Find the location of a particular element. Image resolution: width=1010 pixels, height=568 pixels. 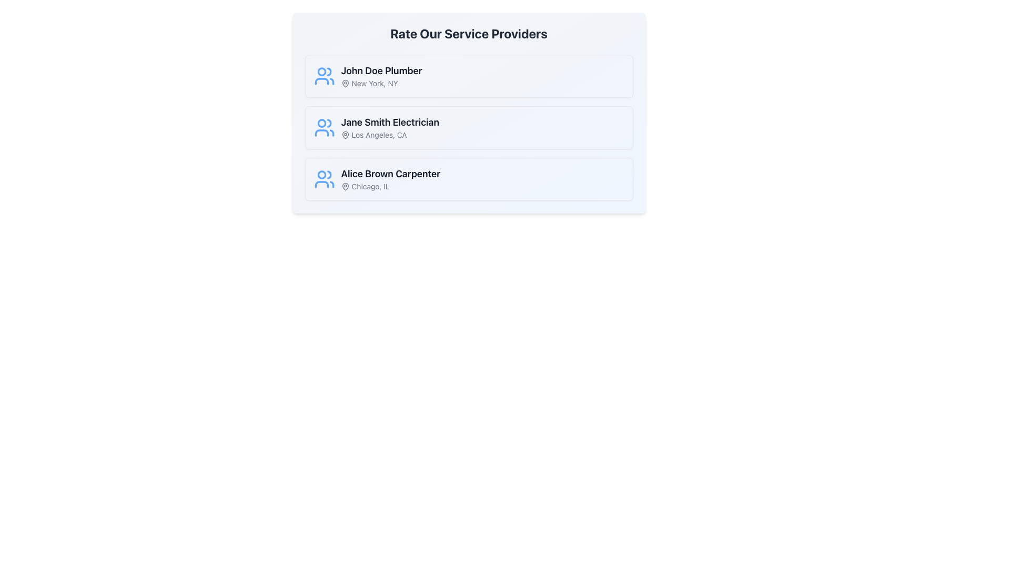

the user icon representing 'John Doe Plumber' in the 'Rate Our Service Providers' list, located at the topmost position and aligned to the left of the user's name and location is located at coordinates (324, 76).